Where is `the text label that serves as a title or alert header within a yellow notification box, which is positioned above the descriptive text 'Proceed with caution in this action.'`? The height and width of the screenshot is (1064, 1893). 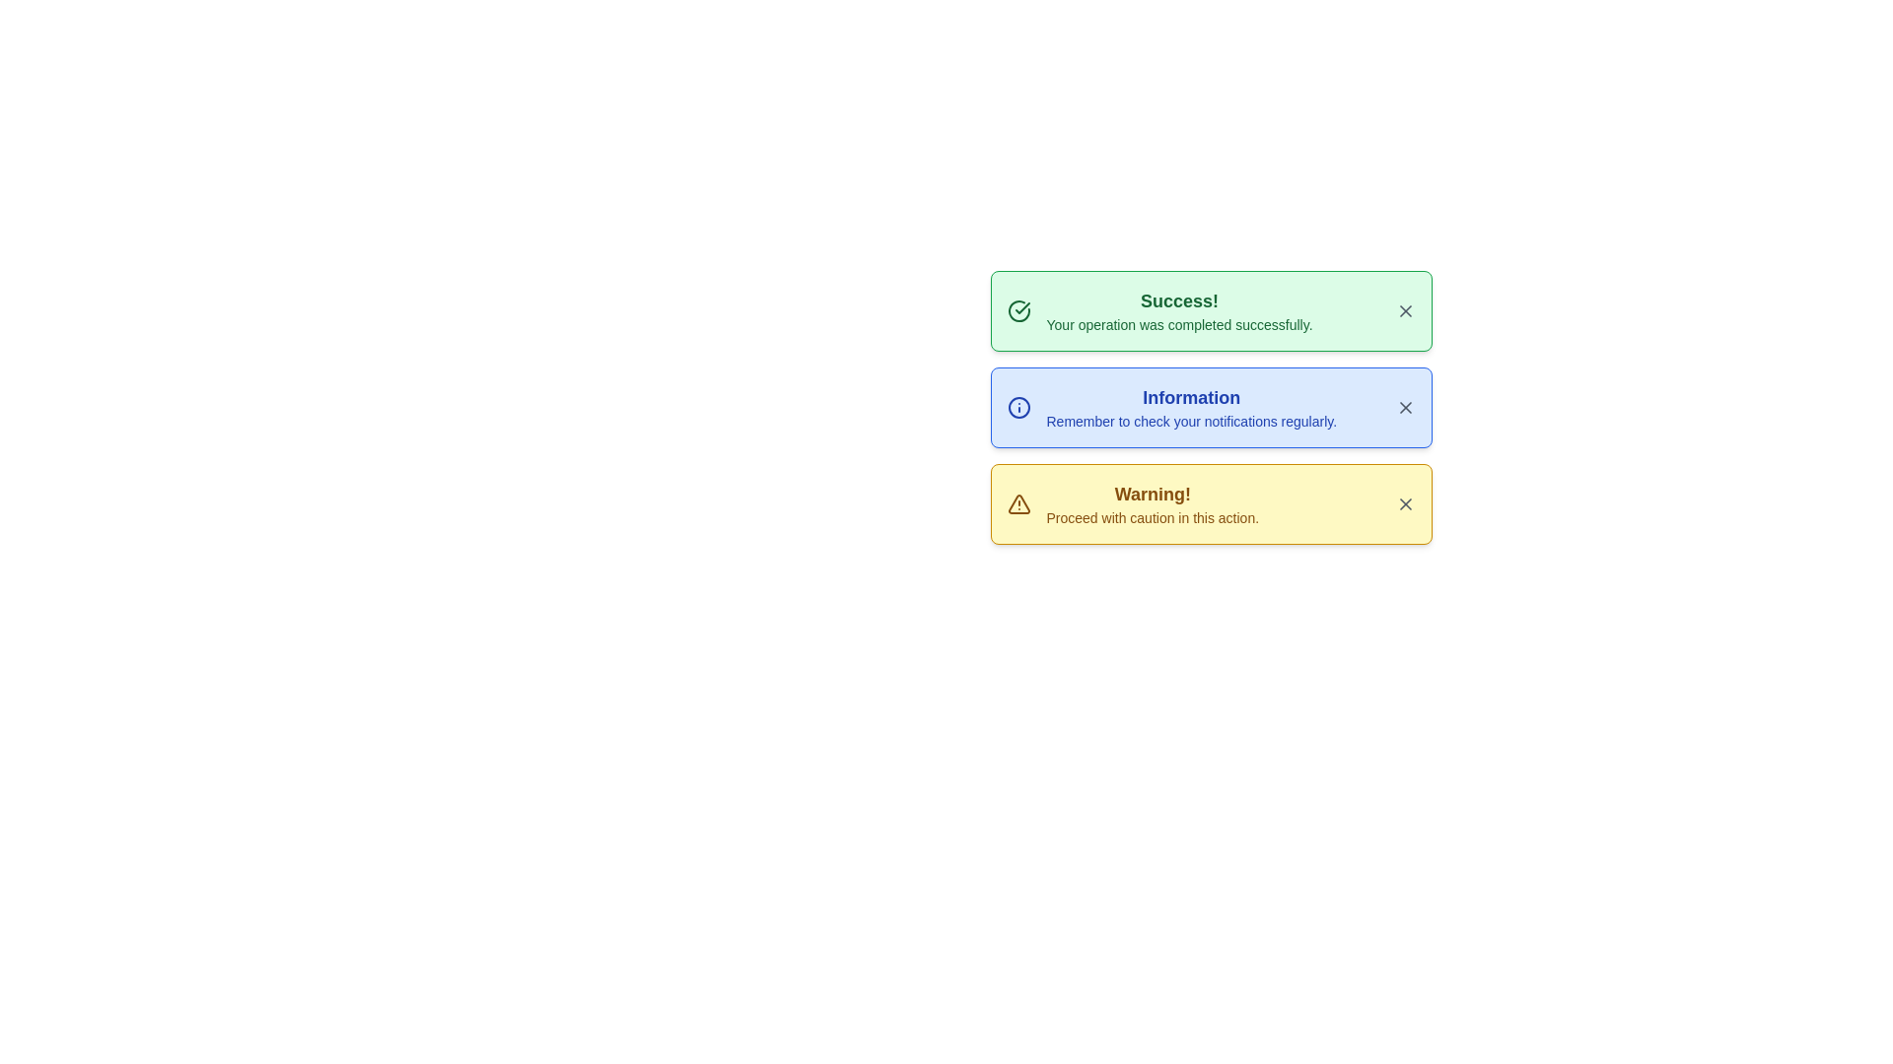
the text label that serves as a title or alert header within a yellow notification box, which is positioned above the descriptive text 'Proceed with caution in this action.' is located at coordinates (1153, 493).